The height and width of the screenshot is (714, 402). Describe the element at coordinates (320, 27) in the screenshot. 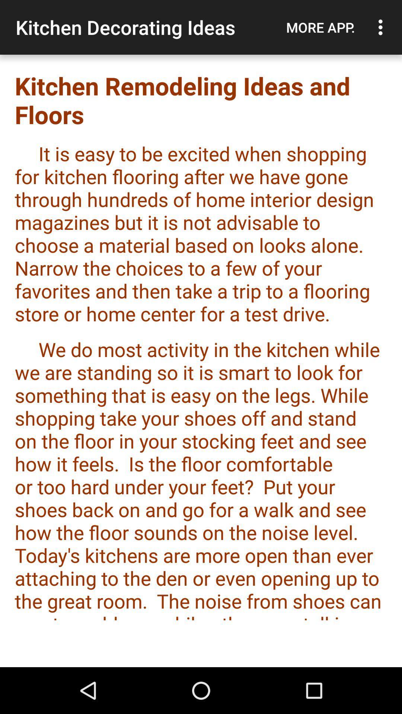

I see `the icon next to kitchen decorating ideas icon` at that location.